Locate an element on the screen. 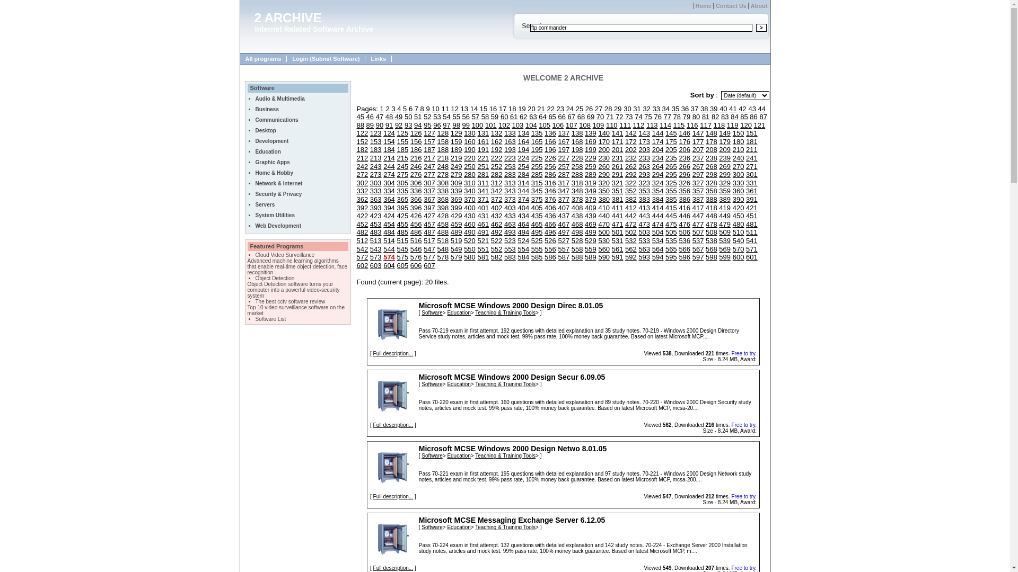 The image size is (1018, 572). '94' is located at coordinates (417, 124).